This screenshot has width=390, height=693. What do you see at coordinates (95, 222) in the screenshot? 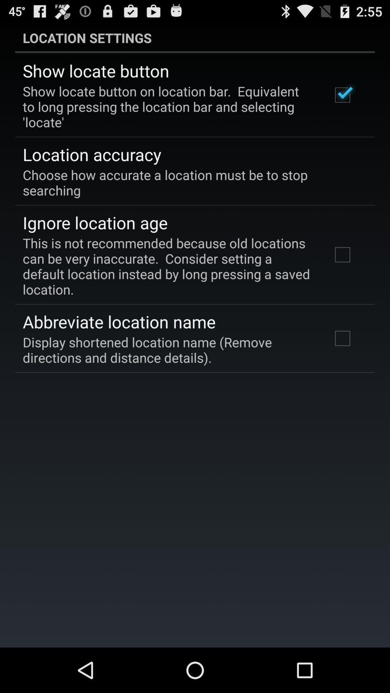
I see `the icon above this is not icon` at bounding box center [95, 222].